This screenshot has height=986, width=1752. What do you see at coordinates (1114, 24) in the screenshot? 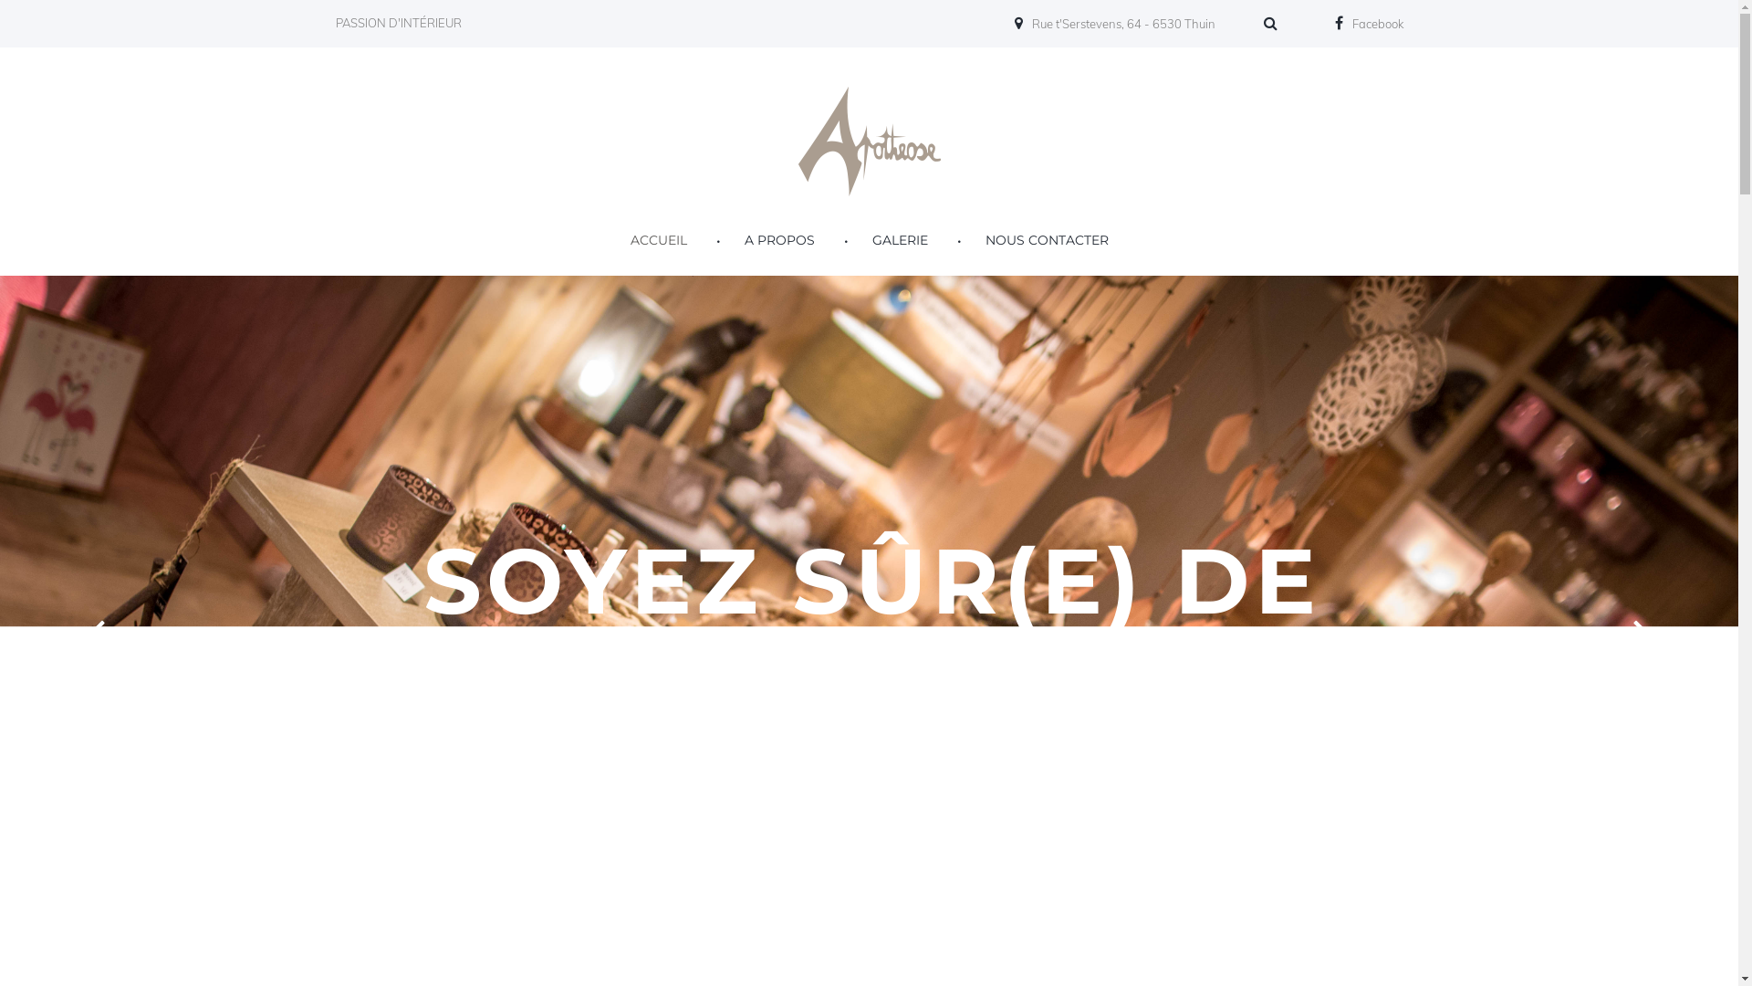
I see `'Rue t'Serstevens, 64 - 6530 Thuin'` at bounding box center [1114, 24].